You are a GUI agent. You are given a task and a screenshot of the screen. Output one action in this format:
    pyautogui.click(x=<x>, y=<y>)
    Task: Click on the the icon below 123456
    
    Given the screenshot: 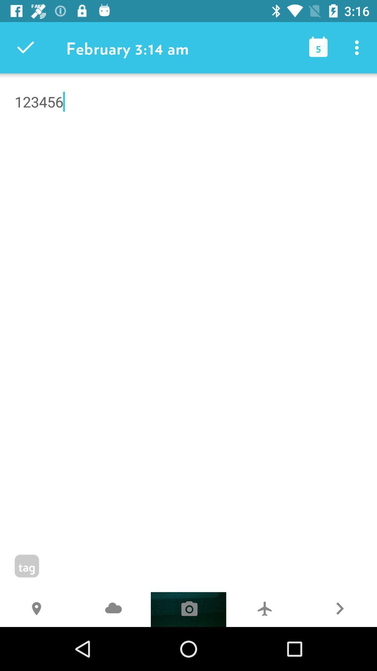 What is the action you would take?
    pyautogui.click(x=264, y=609)
    